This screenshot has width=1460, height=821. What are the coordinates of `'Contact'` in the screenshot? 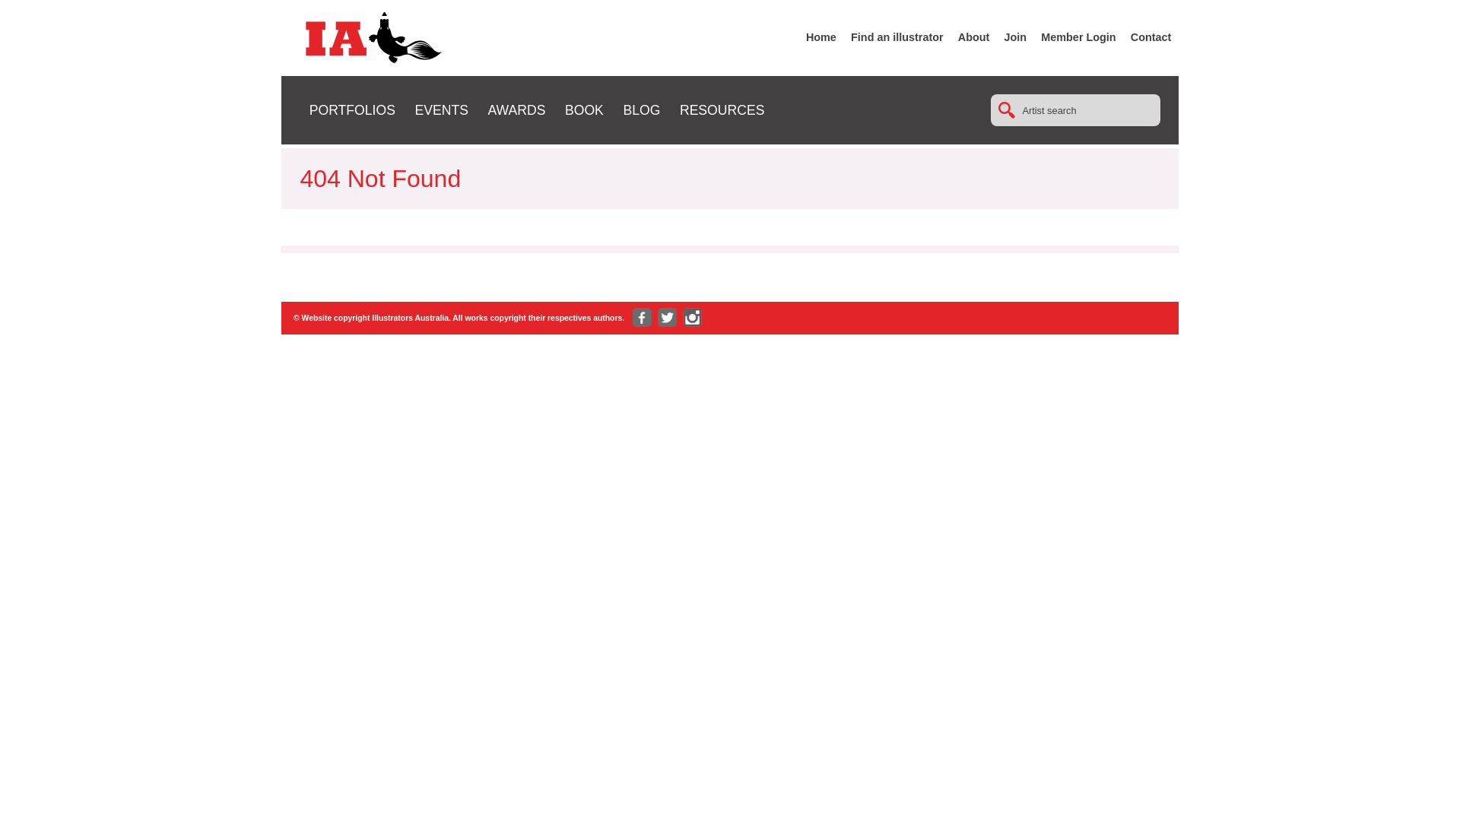 It's located at (1151, 36).